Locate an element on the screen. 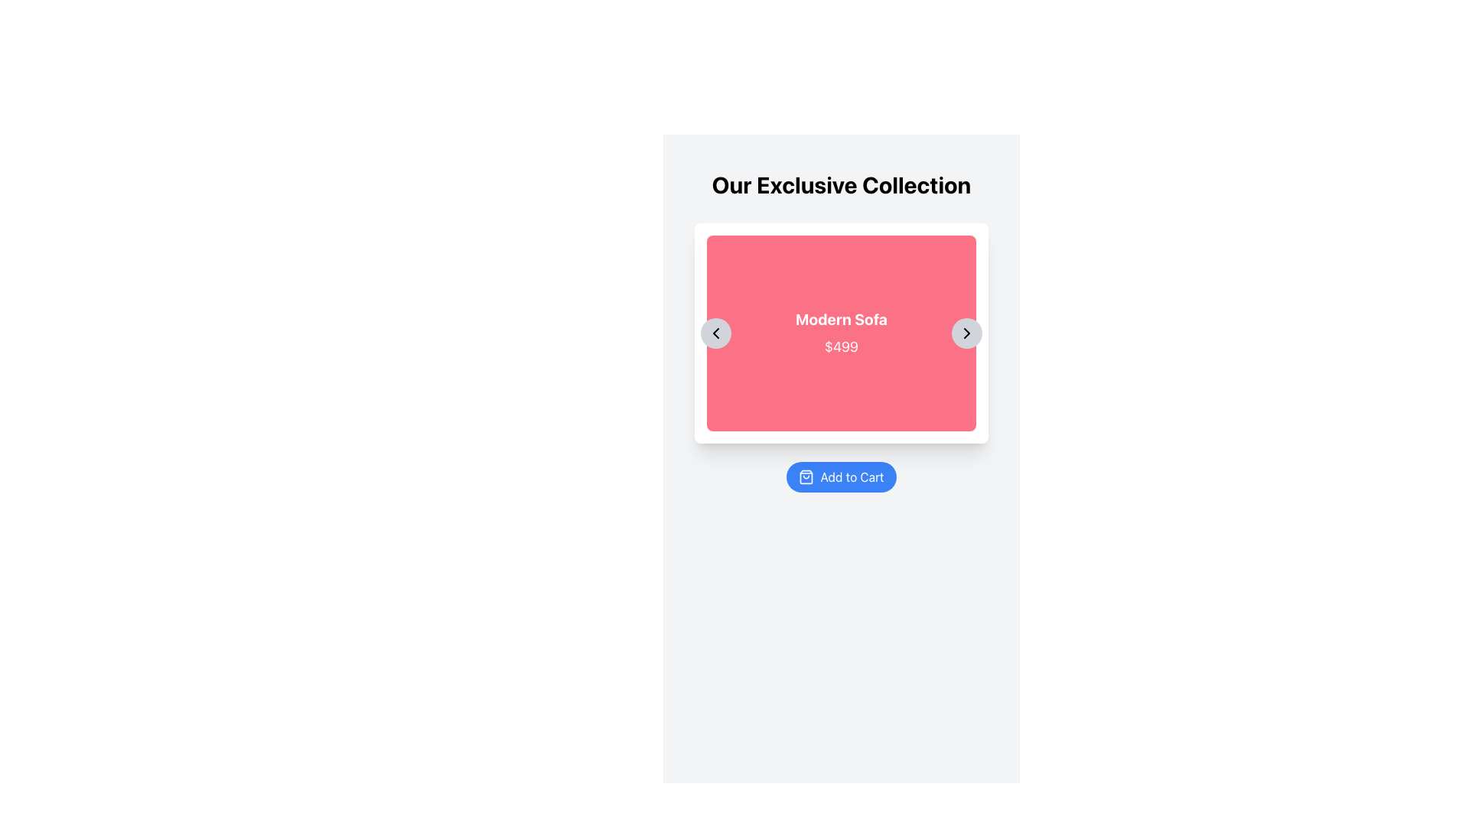 The height and width of the screenshot is (826, 1469). the text label reading 'Modern Sofa', which is styled with bold, large, and white font on a pink background, located at the upper part of the product card is located at coordinates (840, 318).